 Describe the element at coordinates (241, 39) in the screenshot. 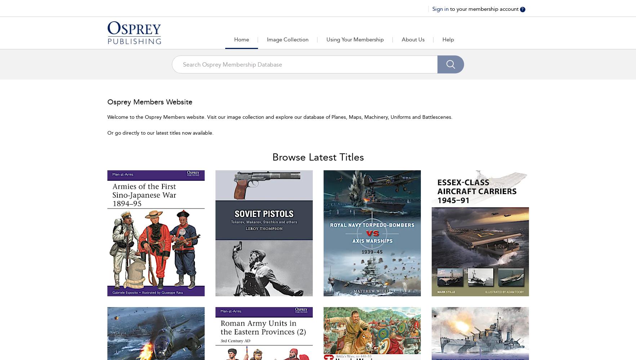

I see `'Home'` at that location.